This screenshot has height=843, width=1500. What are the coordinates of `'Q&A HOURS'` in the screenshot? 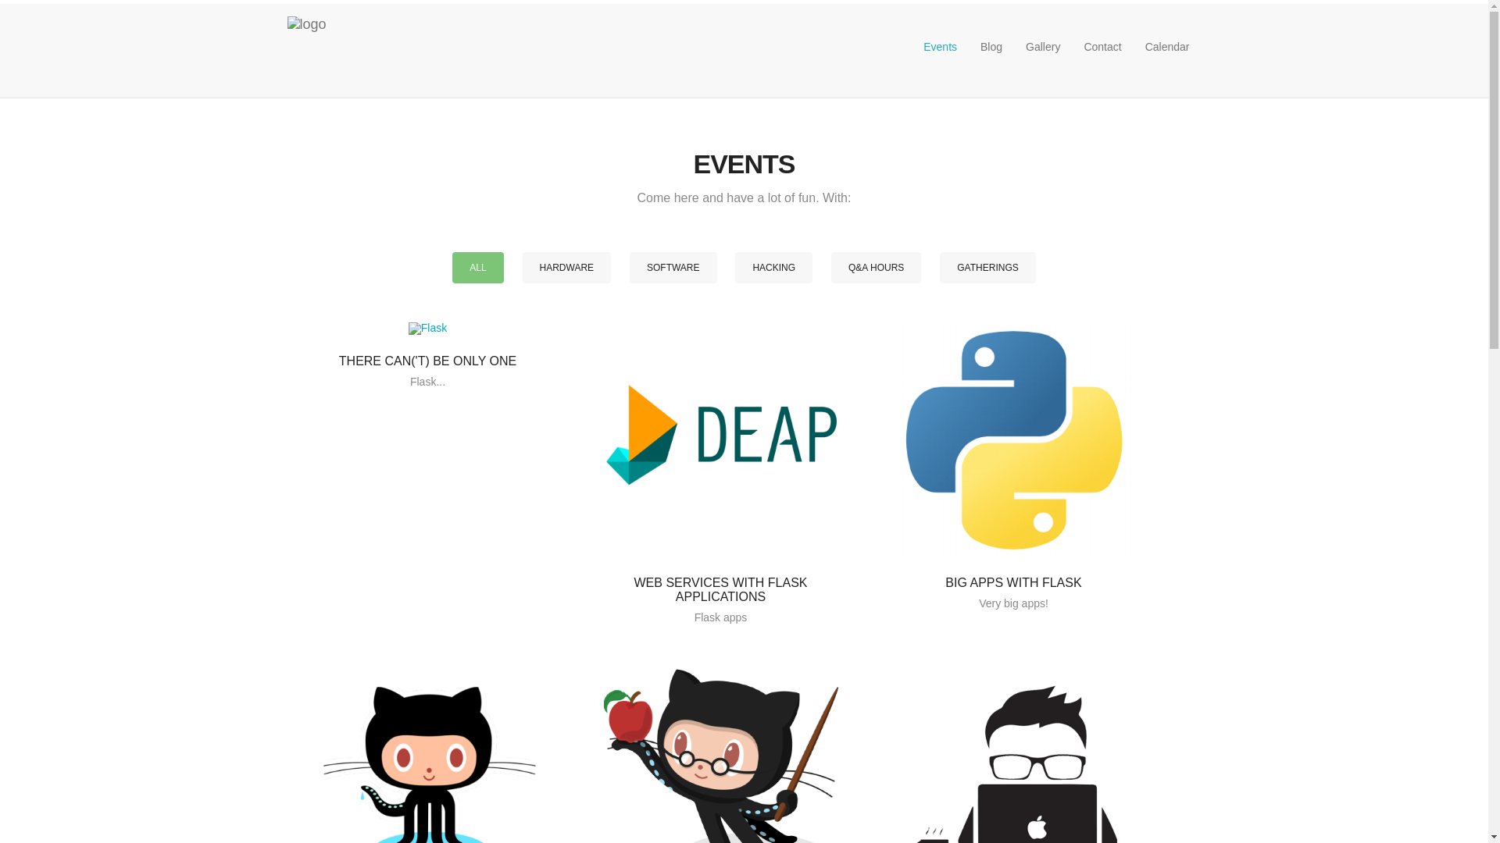 It's located at (876, 267).